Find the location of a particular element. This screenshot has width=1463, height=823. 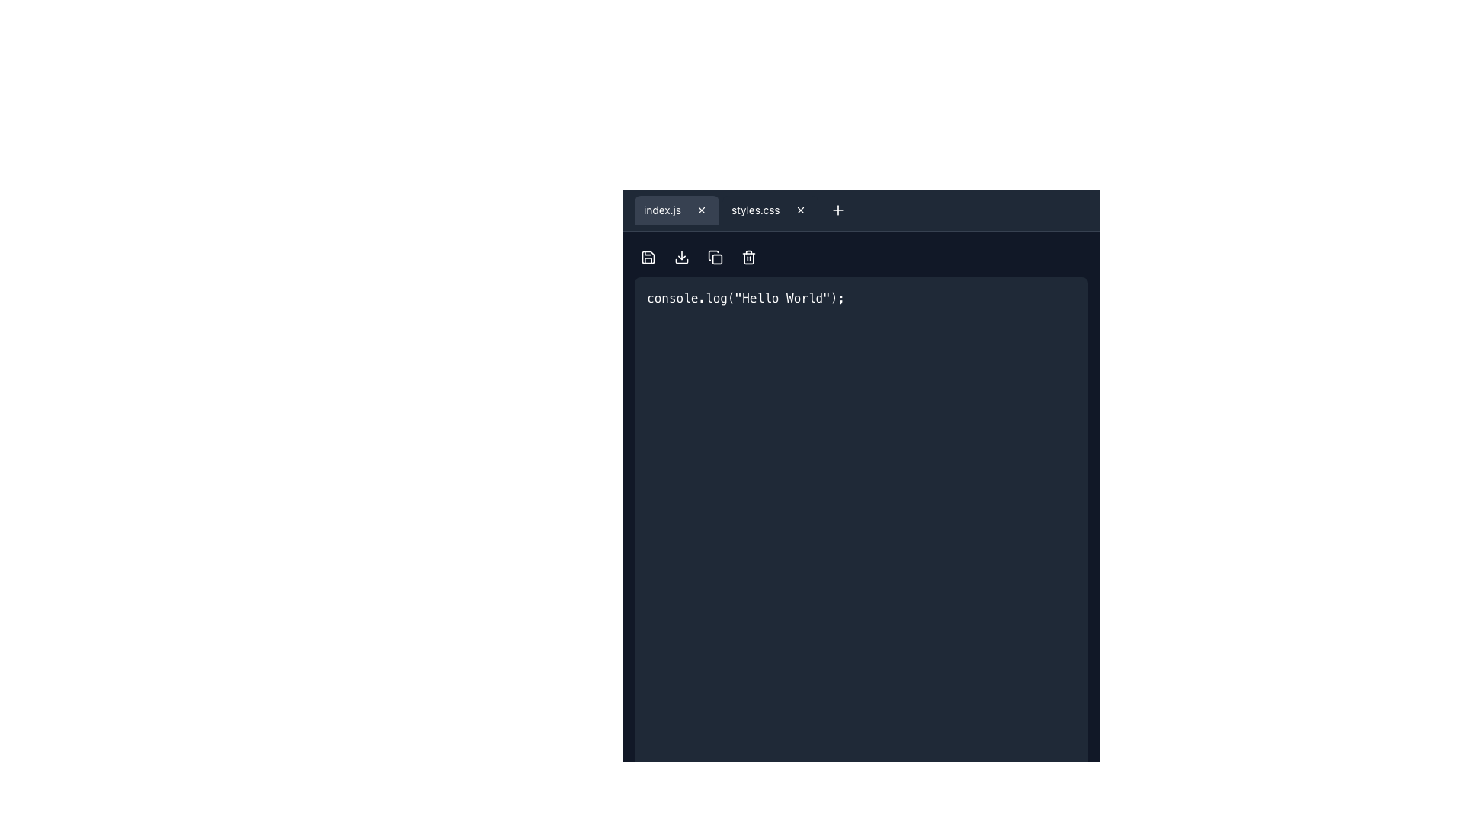

the 'Copy' button located in the top-right corner of the application's toolbar is located at coordinates (715, 257).